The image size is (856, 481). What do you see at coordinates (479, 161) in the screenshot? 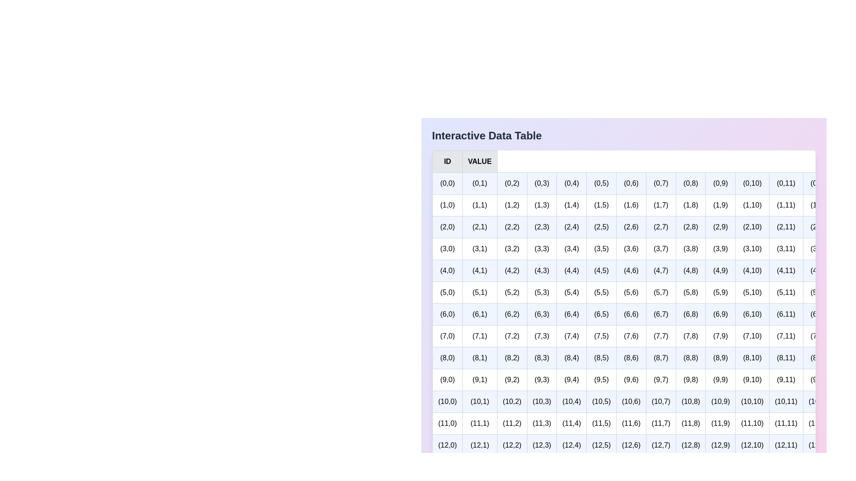
I see `the table header to sort the rows by the column VALUE` at bounding box center [479, 161].